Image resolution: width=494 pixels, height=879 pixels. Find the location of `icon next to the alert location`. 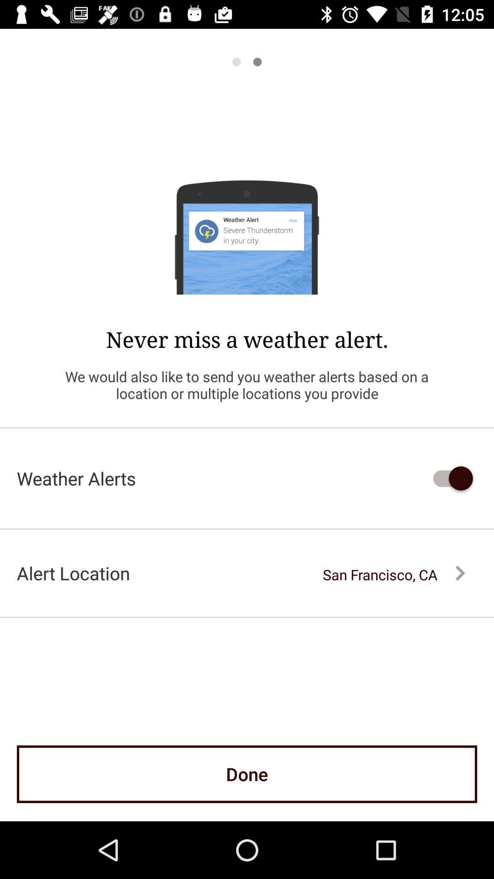

icon next to the alert location is located at coordinates (393, 574).